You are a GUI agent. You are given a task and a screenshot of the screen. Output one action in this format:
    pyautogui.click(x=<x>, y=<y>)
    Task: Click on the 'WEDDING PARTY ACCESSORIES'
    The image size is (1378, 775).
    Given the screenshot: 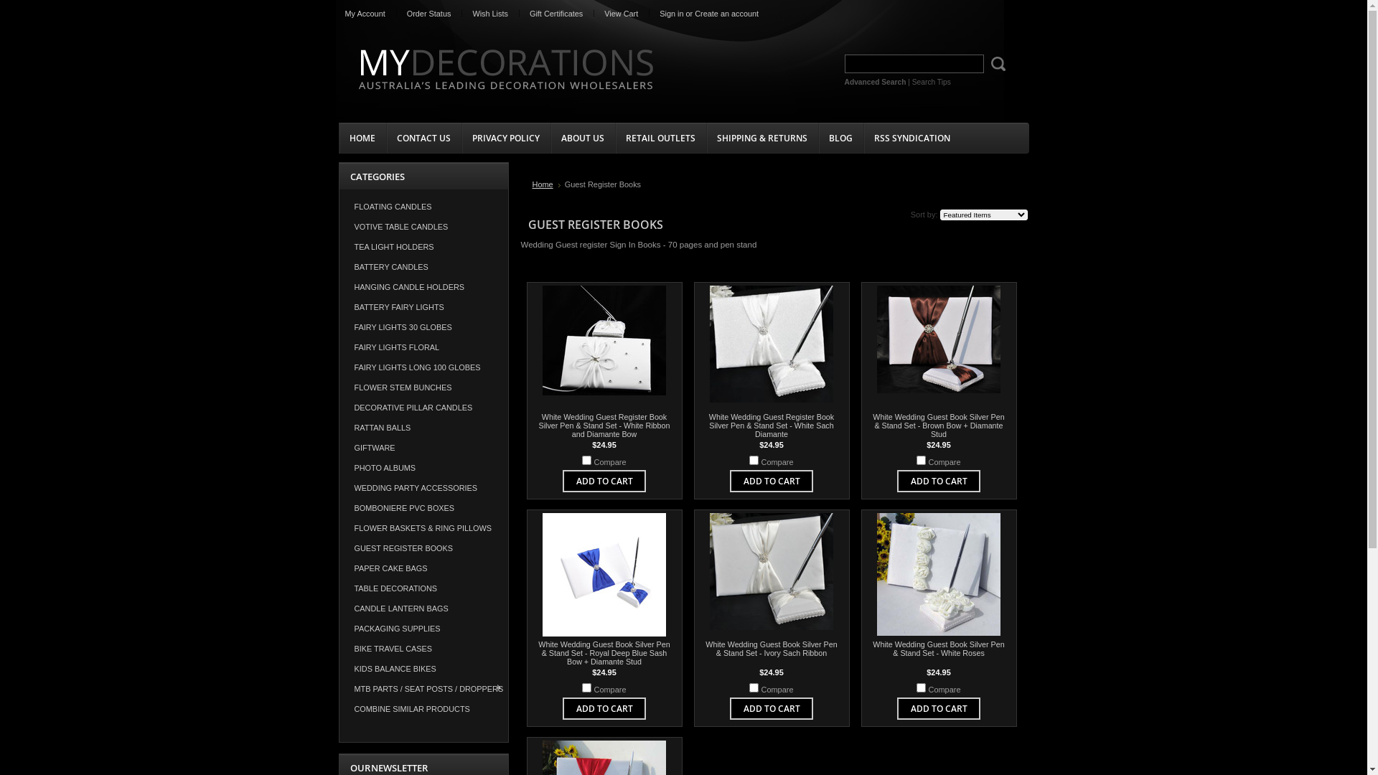 What is the action you would take?
    pyautogui.click(x=423, y=487)
    